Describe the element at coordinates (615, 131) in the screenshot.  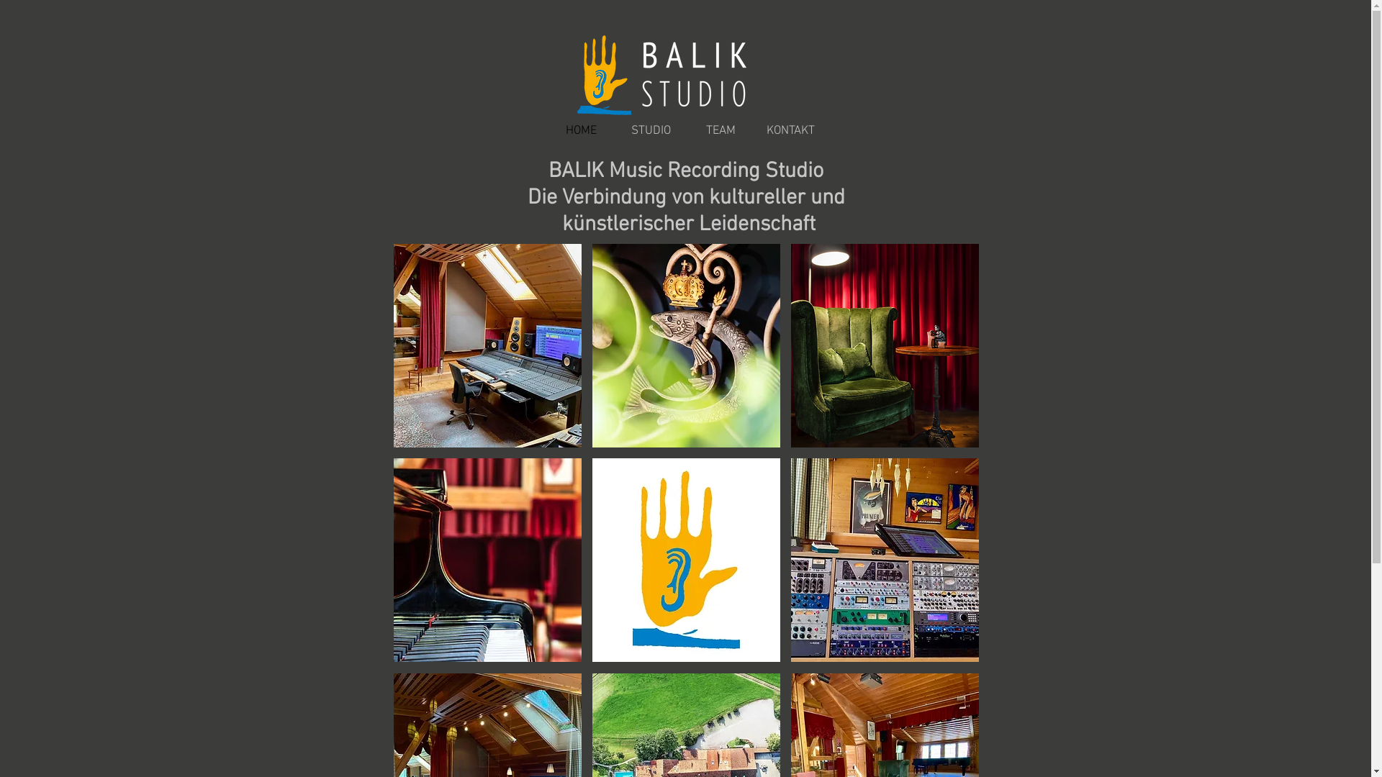
I see `'STUDIO'` at that location.